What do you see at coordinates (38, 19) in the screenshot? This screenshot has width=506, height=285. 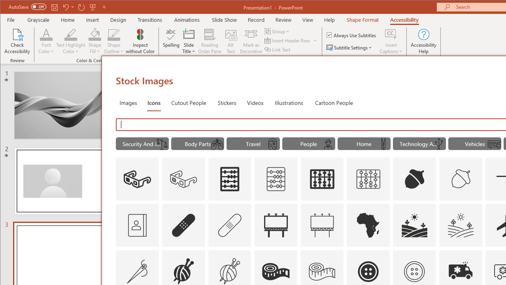 I see `'Grayscale'` at bounding box center [38, 19].